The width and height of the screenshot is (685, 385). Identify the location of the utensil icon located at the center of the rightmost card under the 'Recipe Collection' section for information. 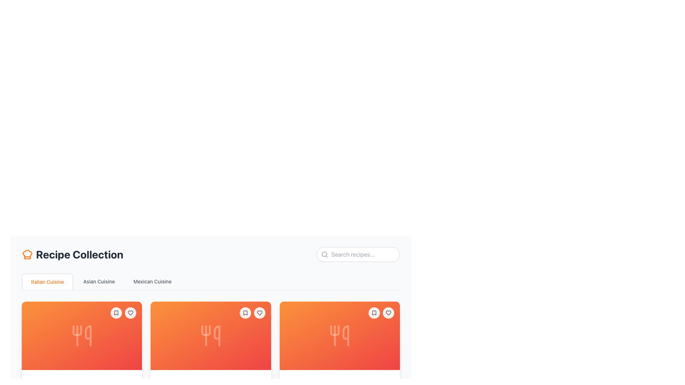
(339, 335).